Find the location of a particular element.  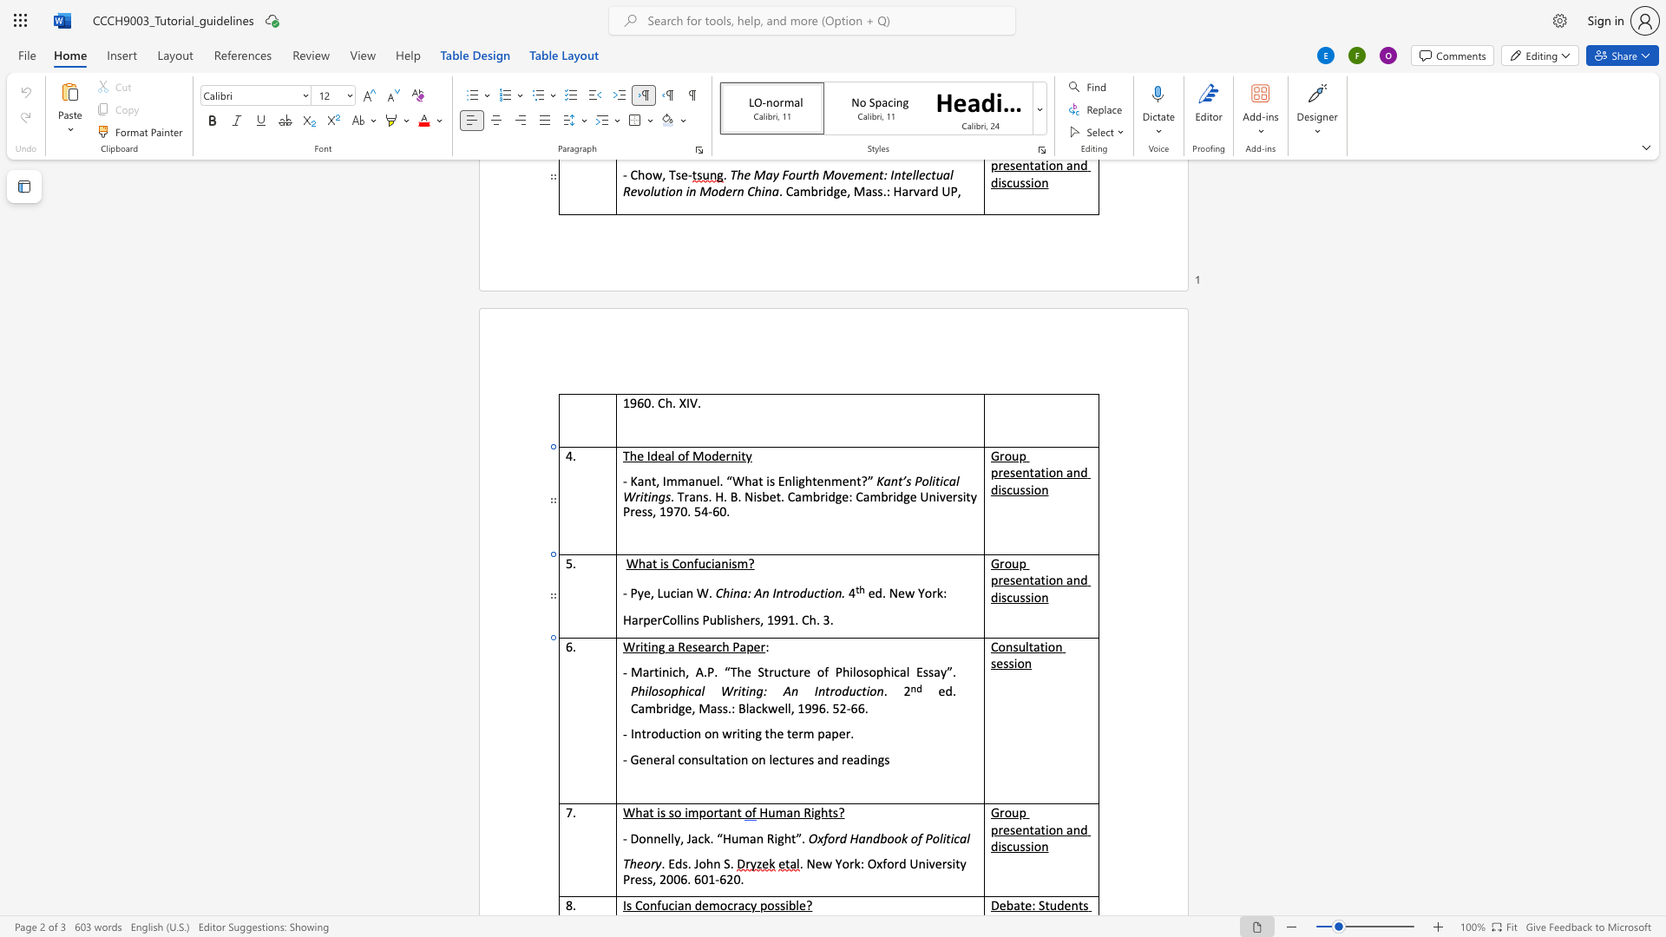

the space between the continuous character "h" and "e" in the text is located at coordinates (743, 619).